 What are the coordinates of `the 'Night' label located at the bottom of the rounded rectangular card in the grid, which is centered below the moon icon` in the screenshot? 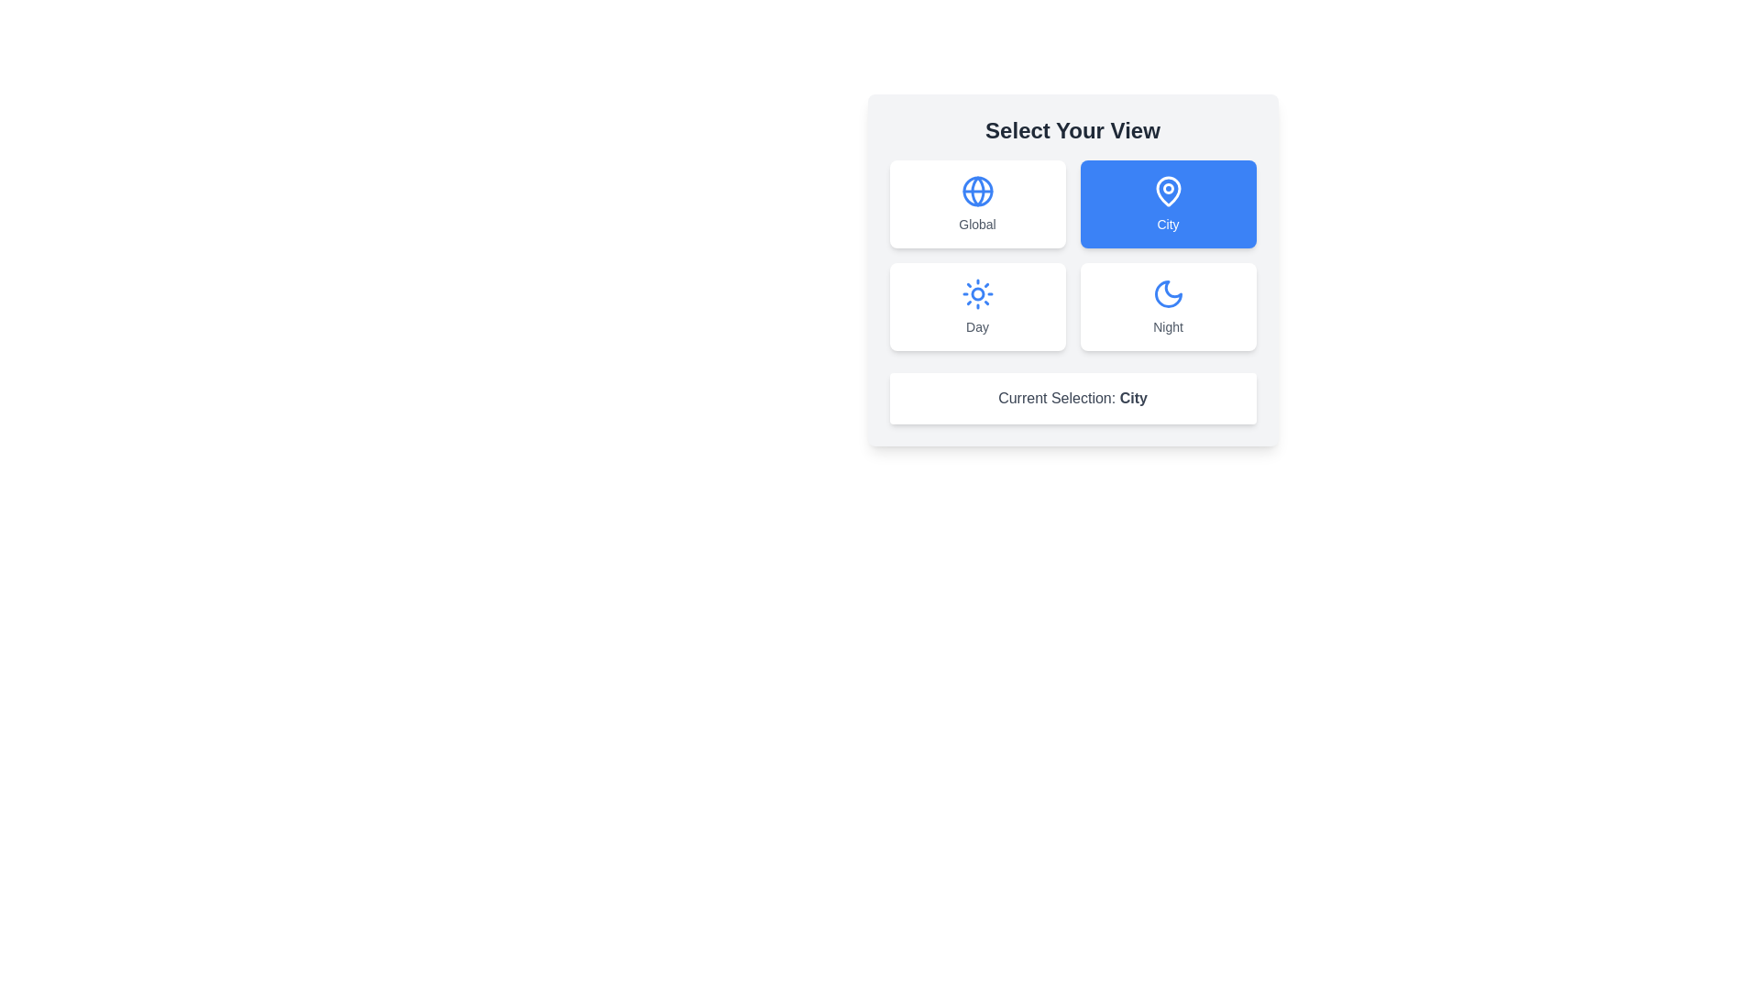 It's located at (1167, 326).